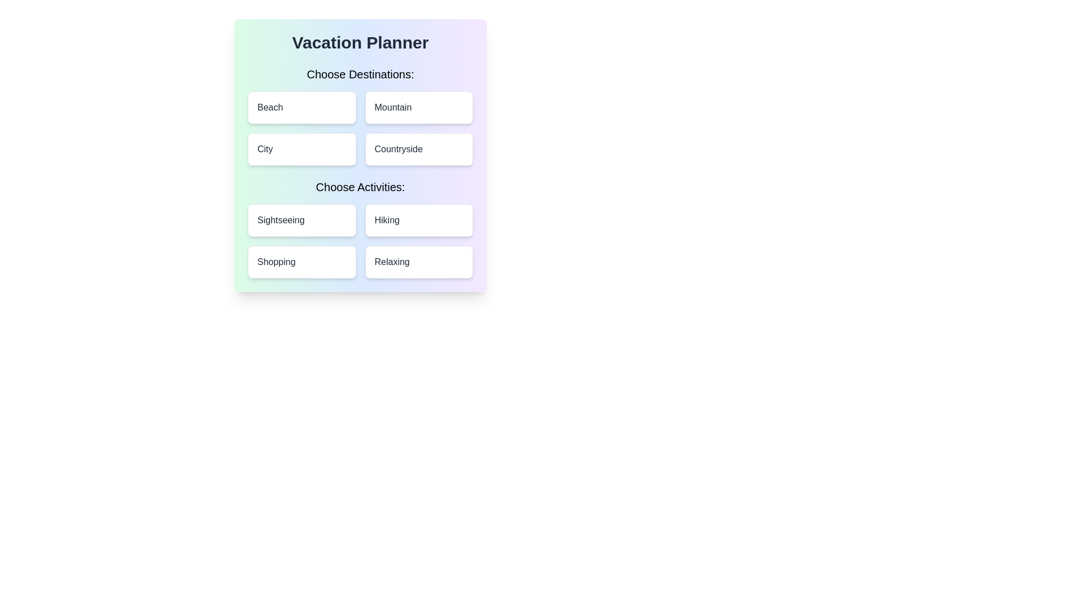 The image size is (1084, 609). Describe the element at coordinates (360, 241) in the screenshot. I see `the tile in the activity selection grid` at that location.